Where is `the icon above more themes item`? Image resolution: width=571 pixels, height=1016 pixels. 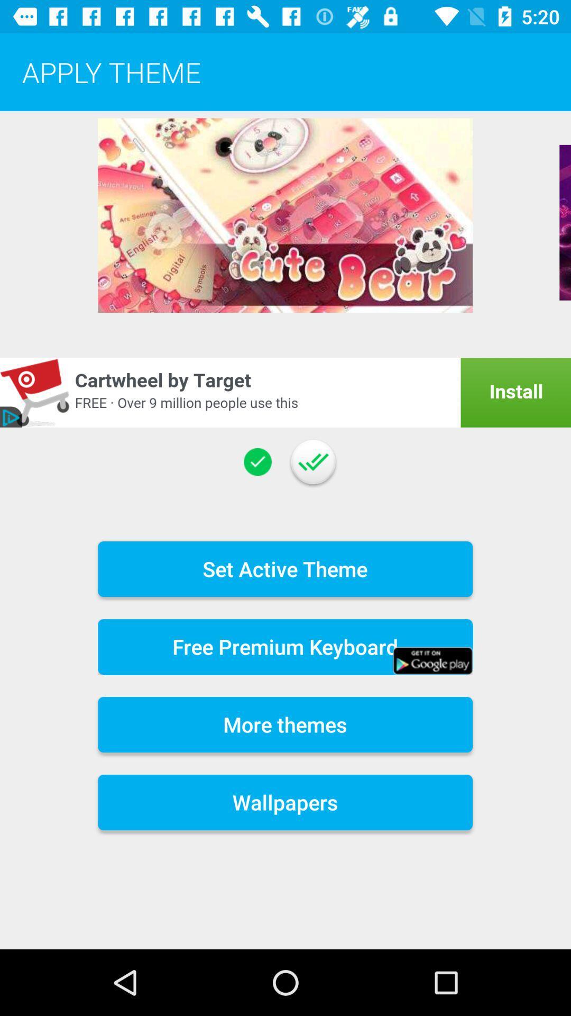
the icon above more themes item is located at coordinates (284, 646).